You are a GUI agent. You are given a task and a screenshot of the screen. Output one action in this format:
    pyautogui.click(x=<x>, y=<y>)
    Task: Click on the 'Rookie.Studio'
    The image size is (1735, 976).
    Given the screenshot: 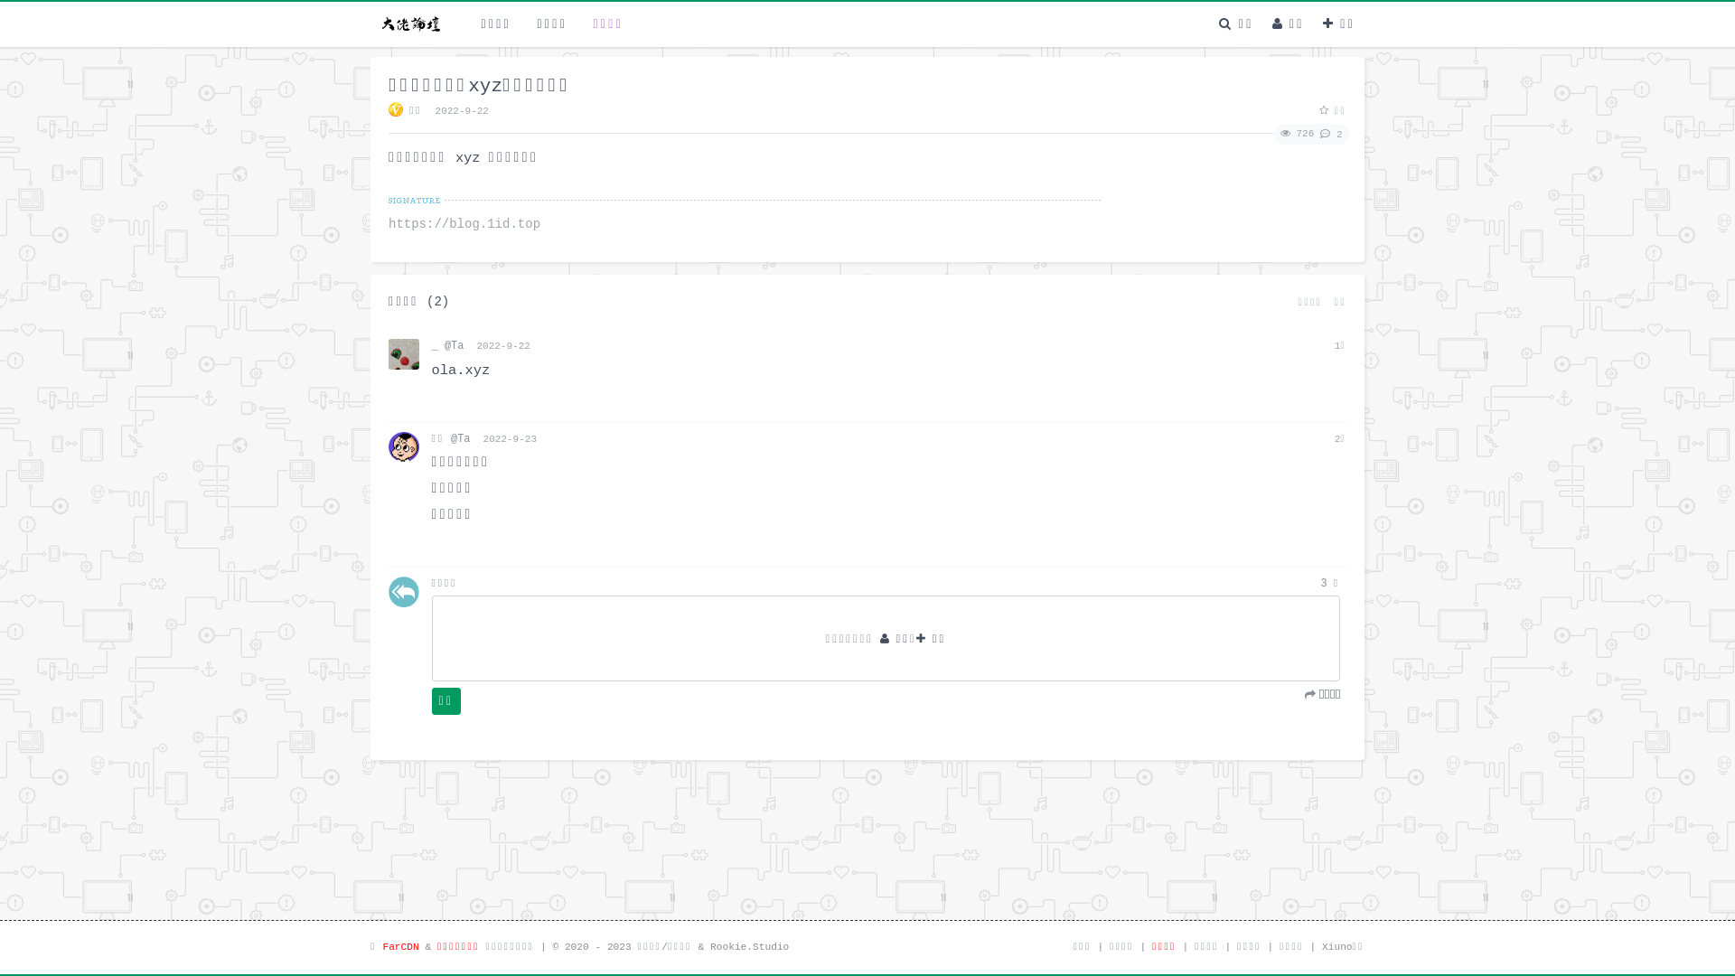 What is the action you would take?
    pyautogui.click(x=709, y=946)
    